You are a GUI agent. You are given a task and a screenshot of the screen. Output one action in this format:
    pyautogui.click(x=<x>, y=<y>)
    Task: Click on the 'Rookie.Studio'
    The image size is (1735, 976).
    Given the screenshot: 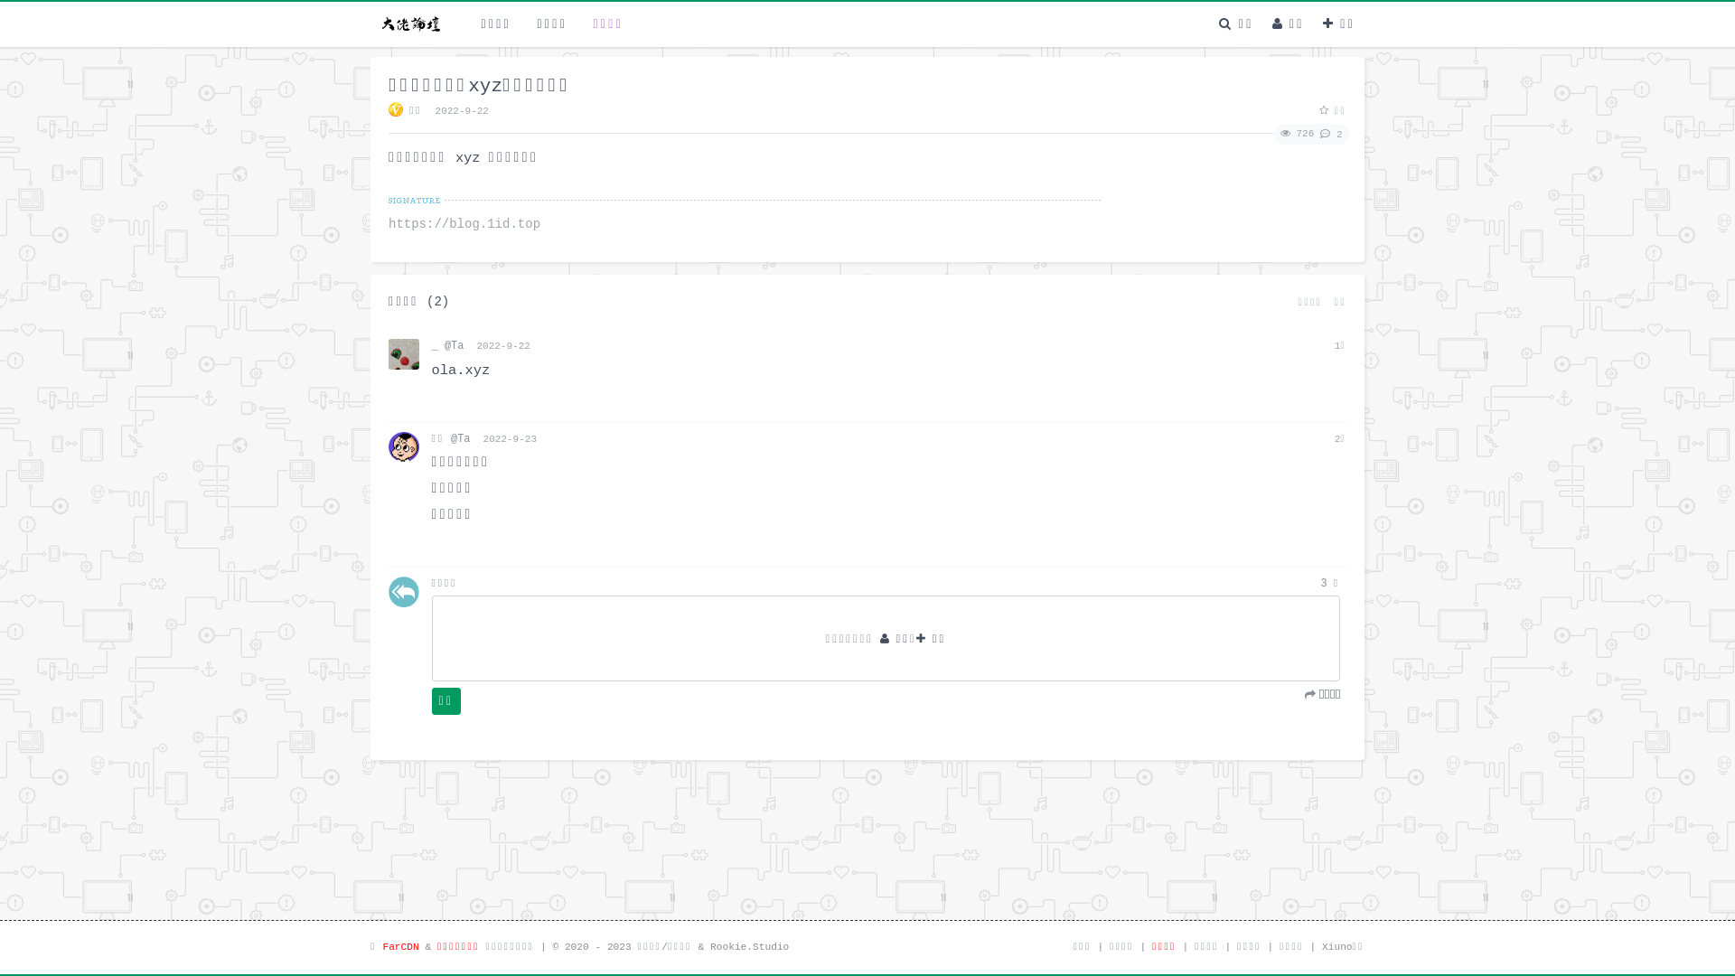 What is the action you would take?
    pyautogui.click(x=709, y=946)
    